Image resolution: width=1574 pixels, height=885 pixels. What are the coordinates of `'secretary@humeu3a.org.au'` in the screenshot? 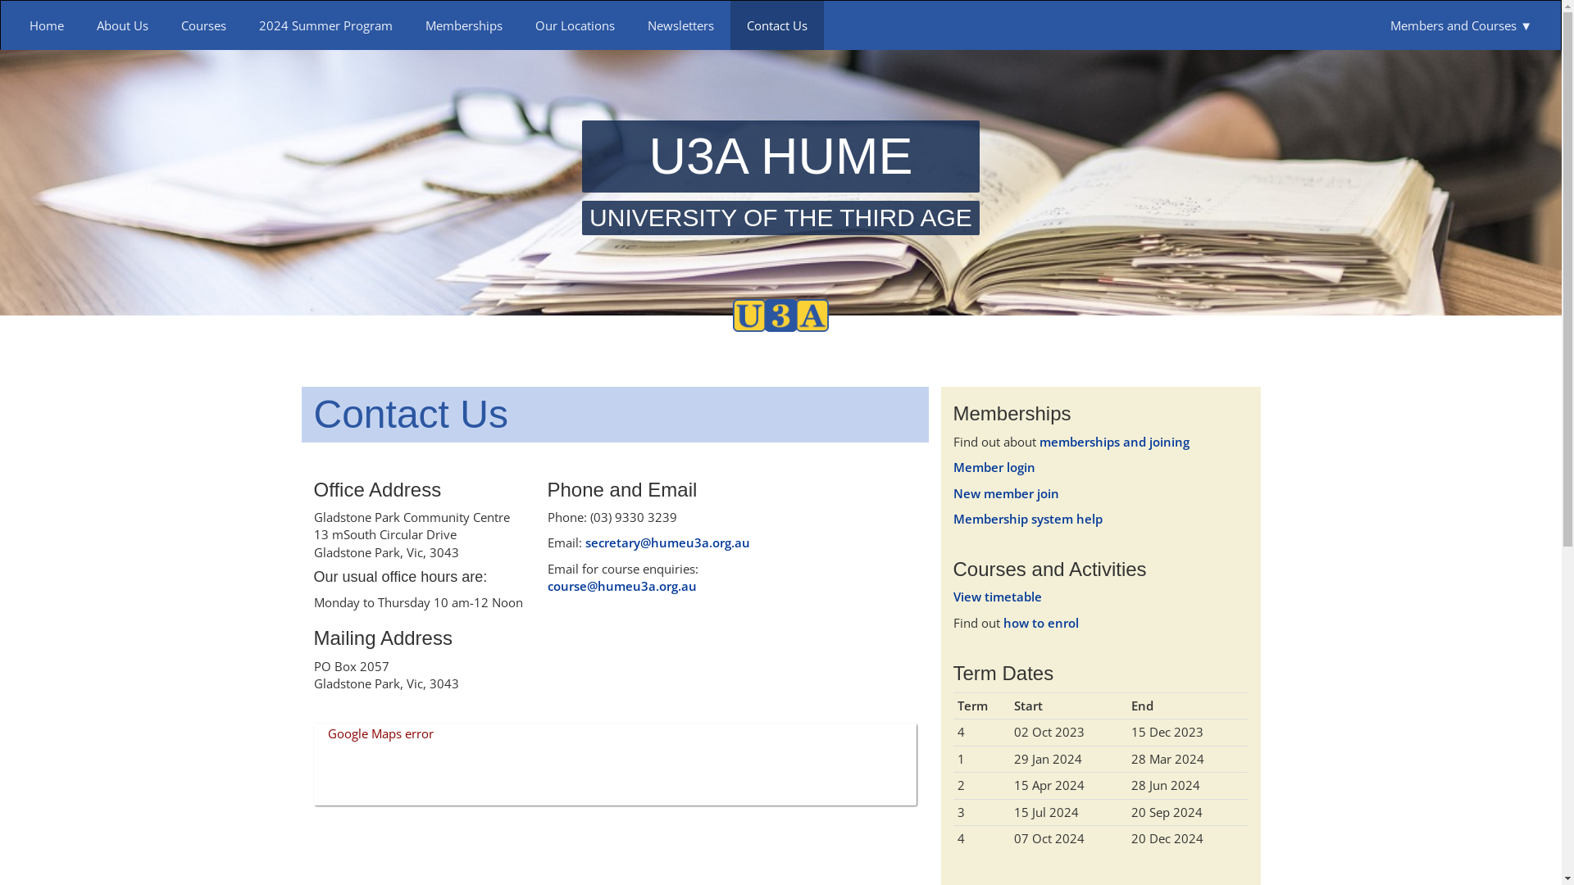 It's located at (667, 542).